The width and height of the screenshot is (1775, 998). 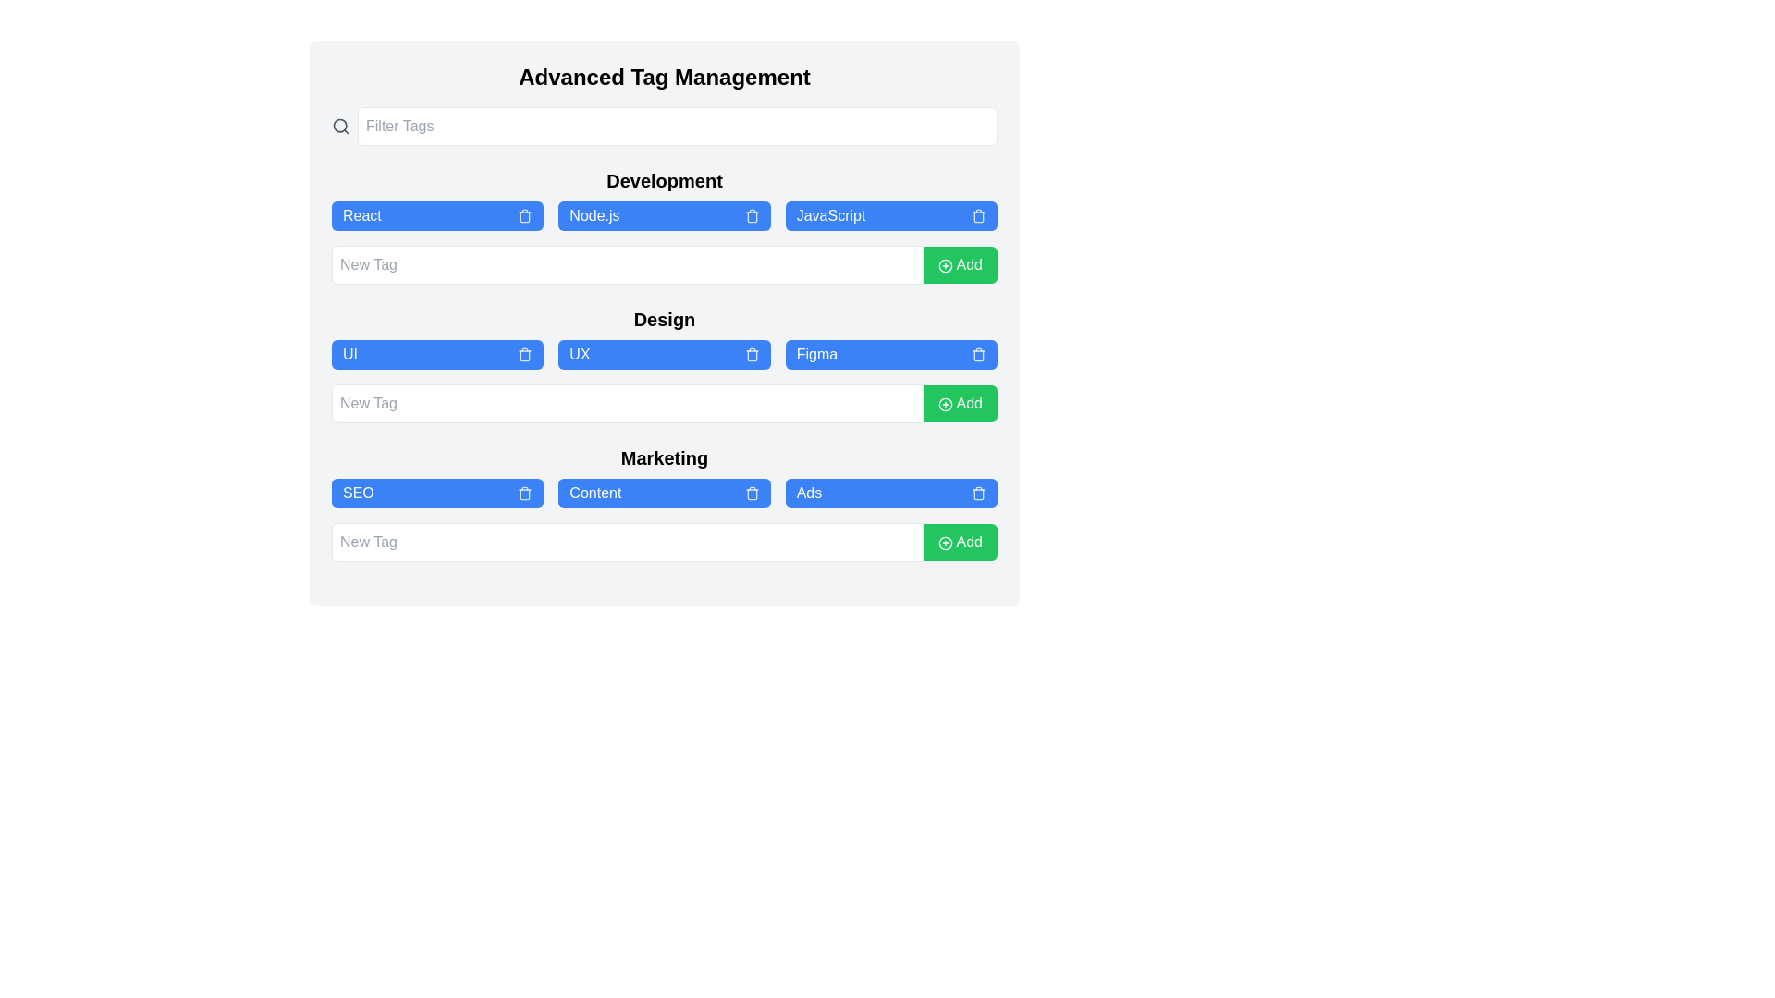 I want to click on the text label displaying 'Figma' in white color, which is located within a blue button in the 'Design' section of the interface, so click(x=815, y=355).